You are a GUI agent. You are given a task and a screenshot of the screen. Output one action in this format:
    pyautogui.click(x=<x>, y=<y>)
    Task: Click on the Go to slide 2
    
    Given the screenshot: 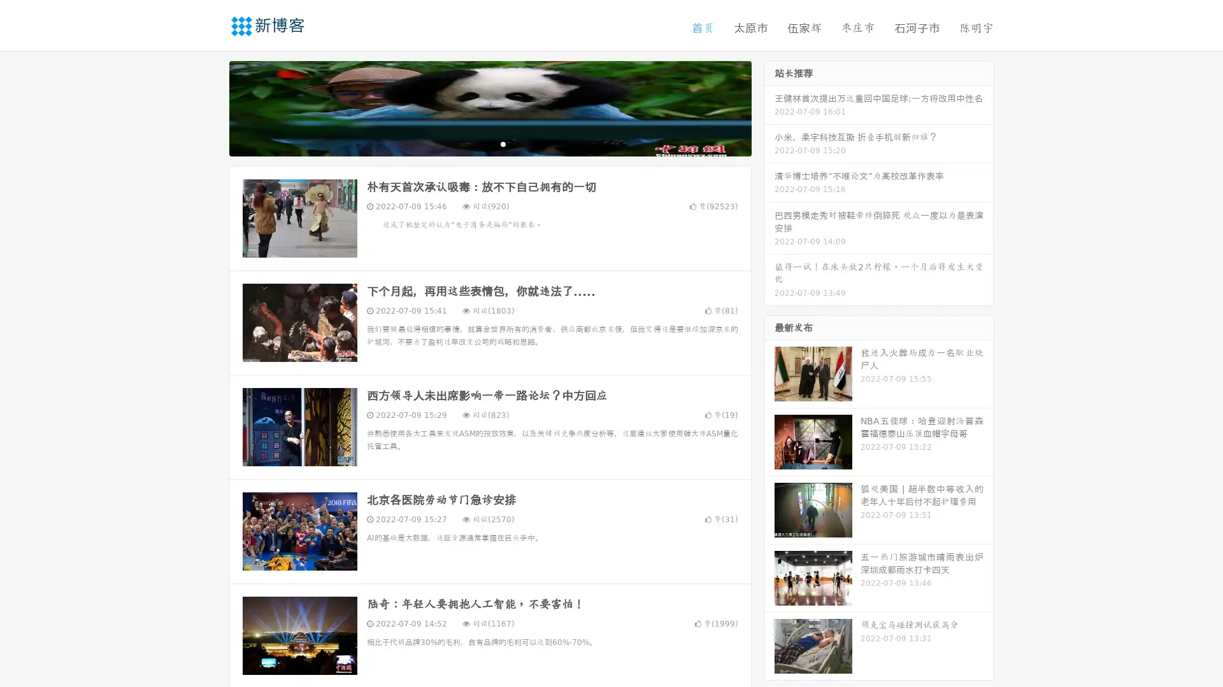 What is the action you would take?
    pyautogui.click(x=489, y=143)
    